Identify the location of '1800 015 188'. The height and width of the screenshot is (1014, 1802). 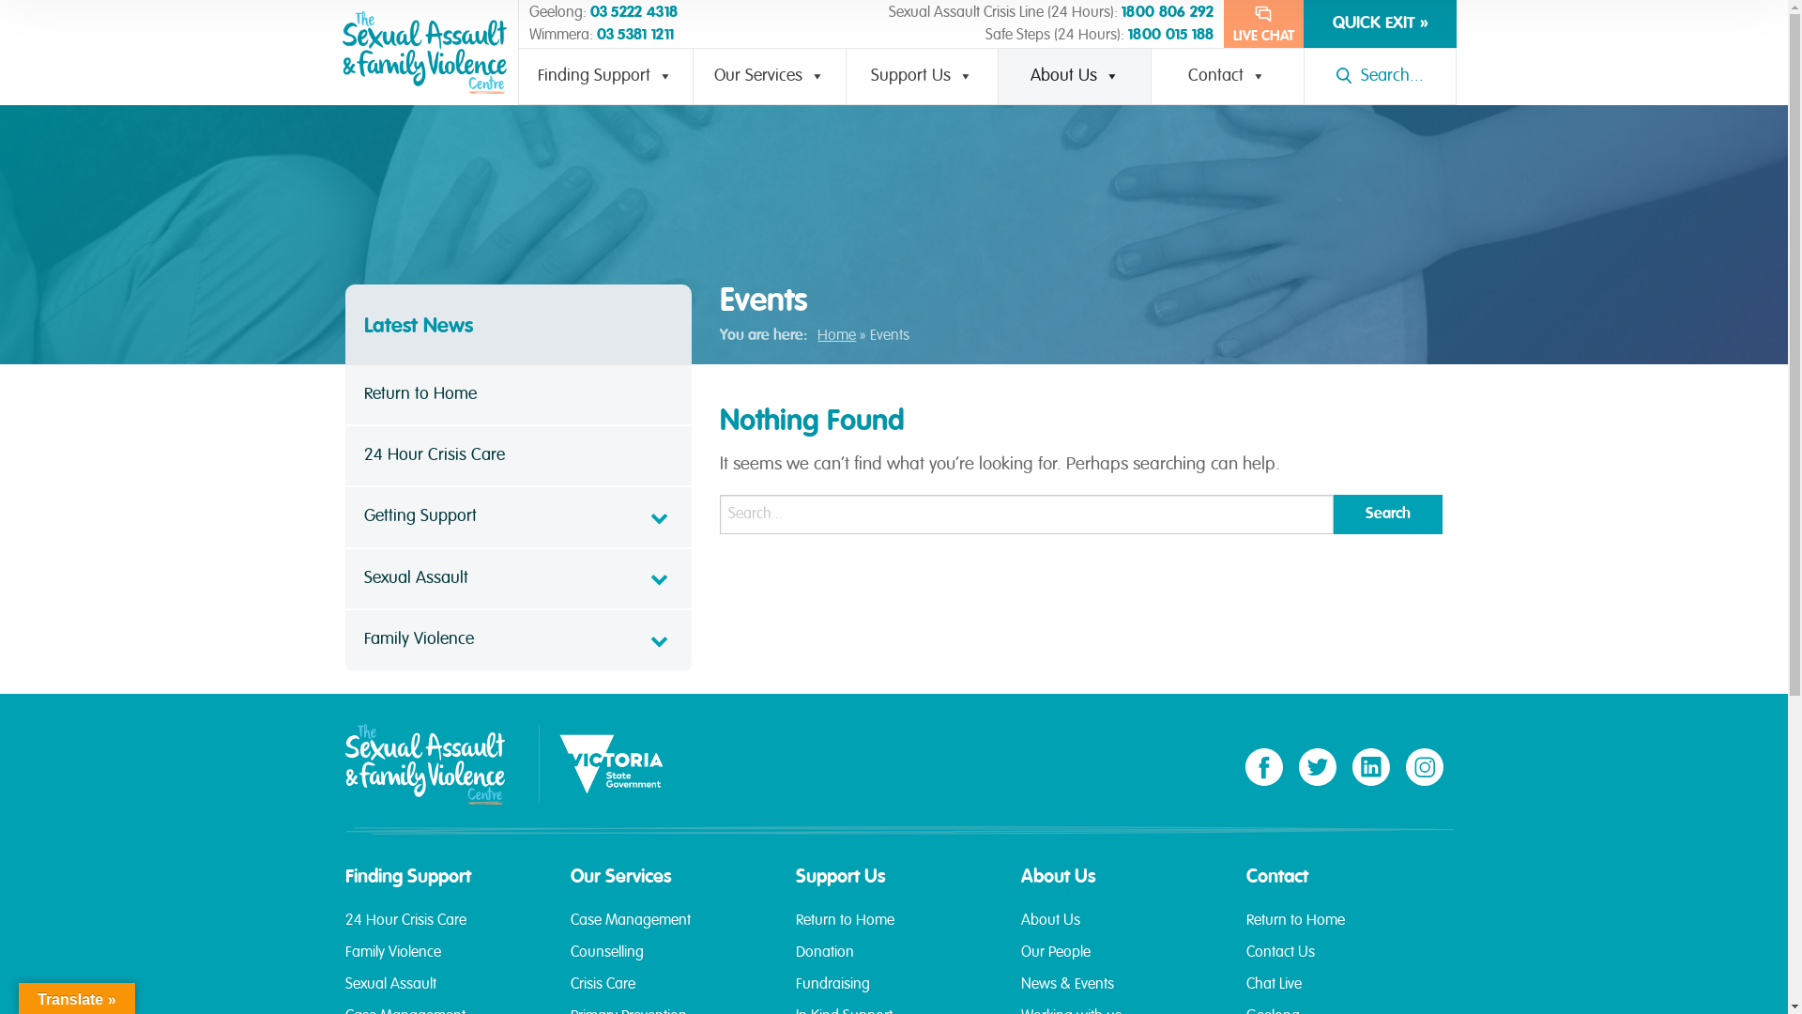
(1126, 36).